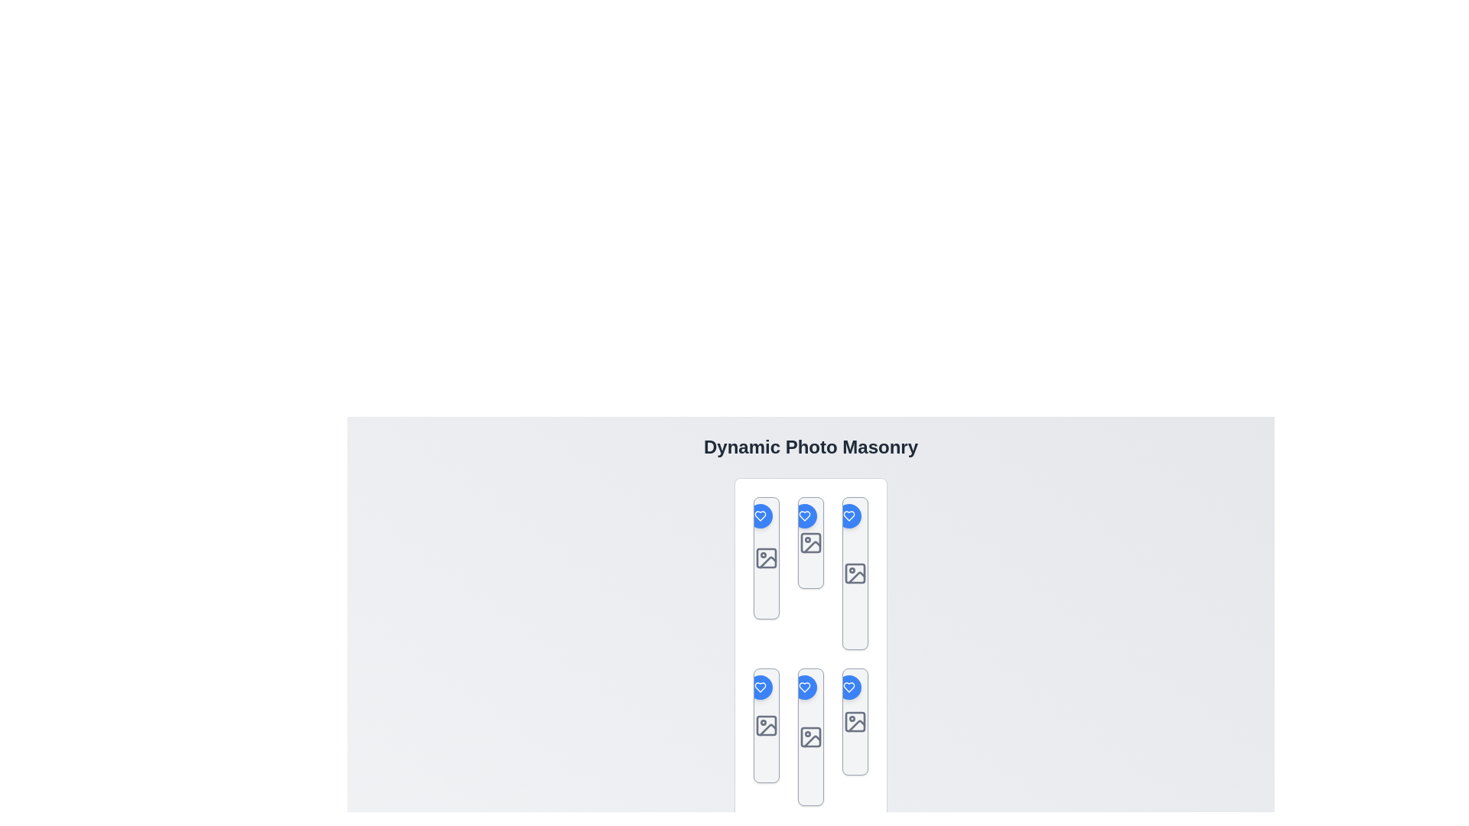 This screenshot has width=1469, height=826. What do you see at coordinates (855, 573) in the screenshot?
I see `the icon representing an image placeholder, which appears as a landscape outline with a circular point, located in the center of the second row of the third column in a vertically-arranged grid` at bounding box center [855, 573].